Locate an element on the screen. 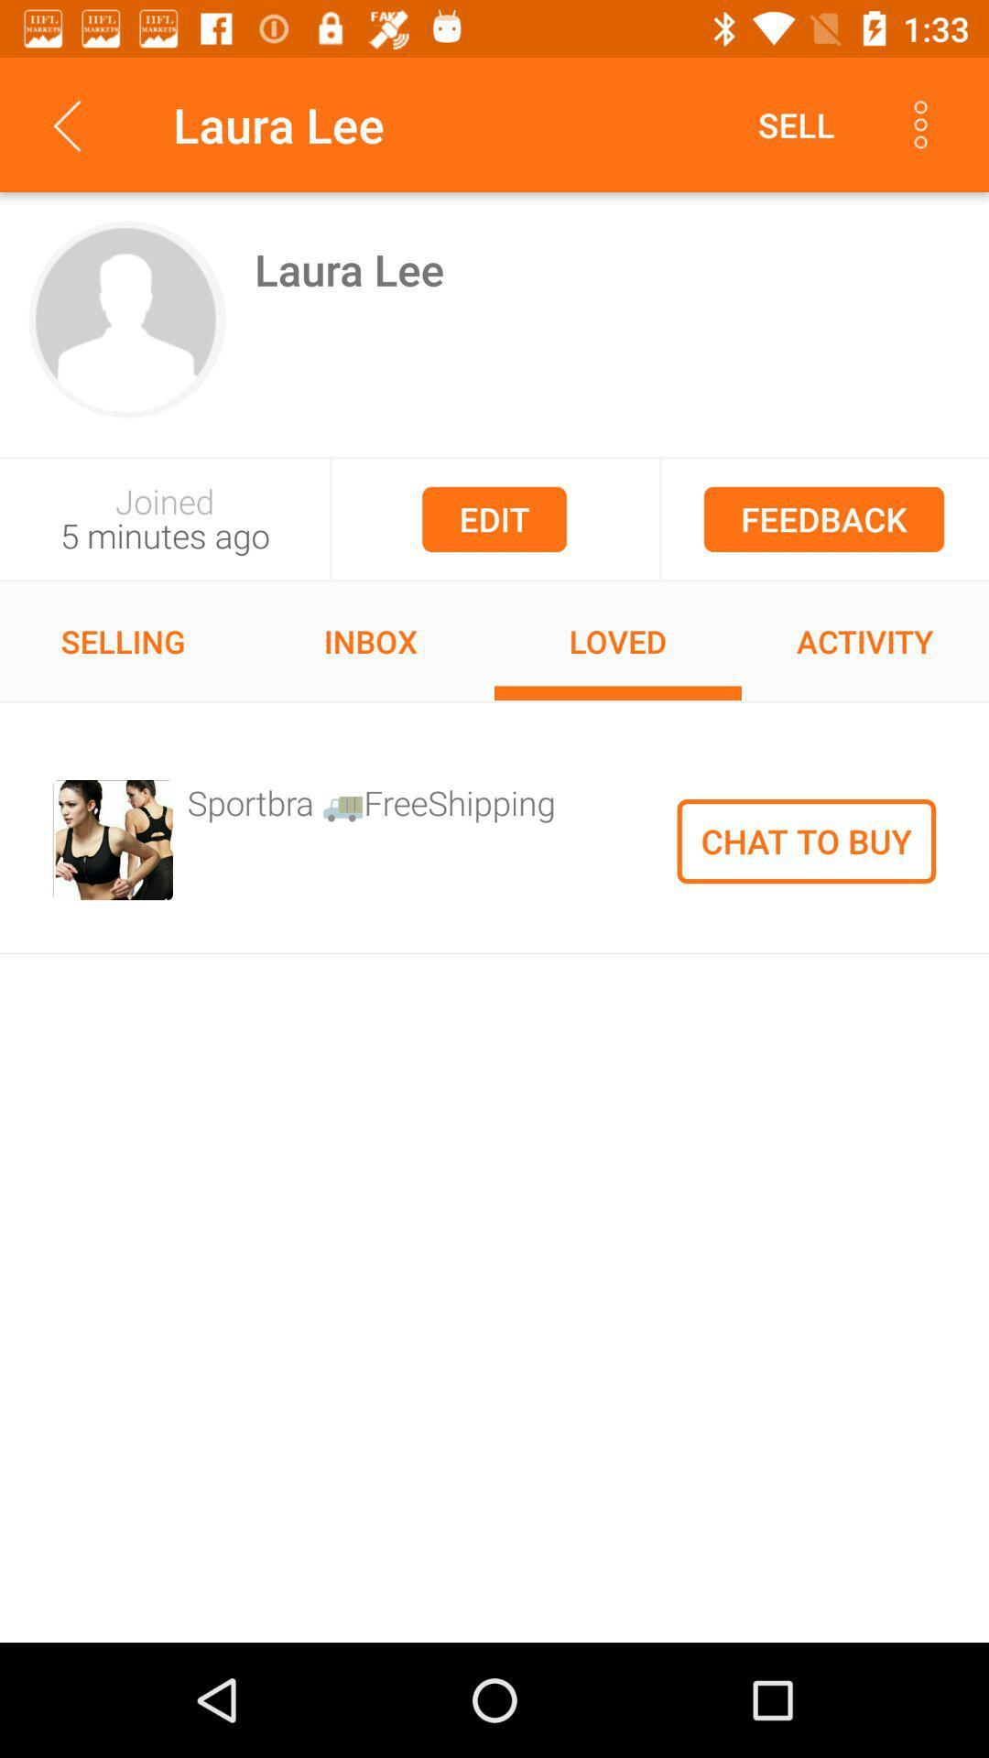  the avatar icon is located at coordinates (126, 320).